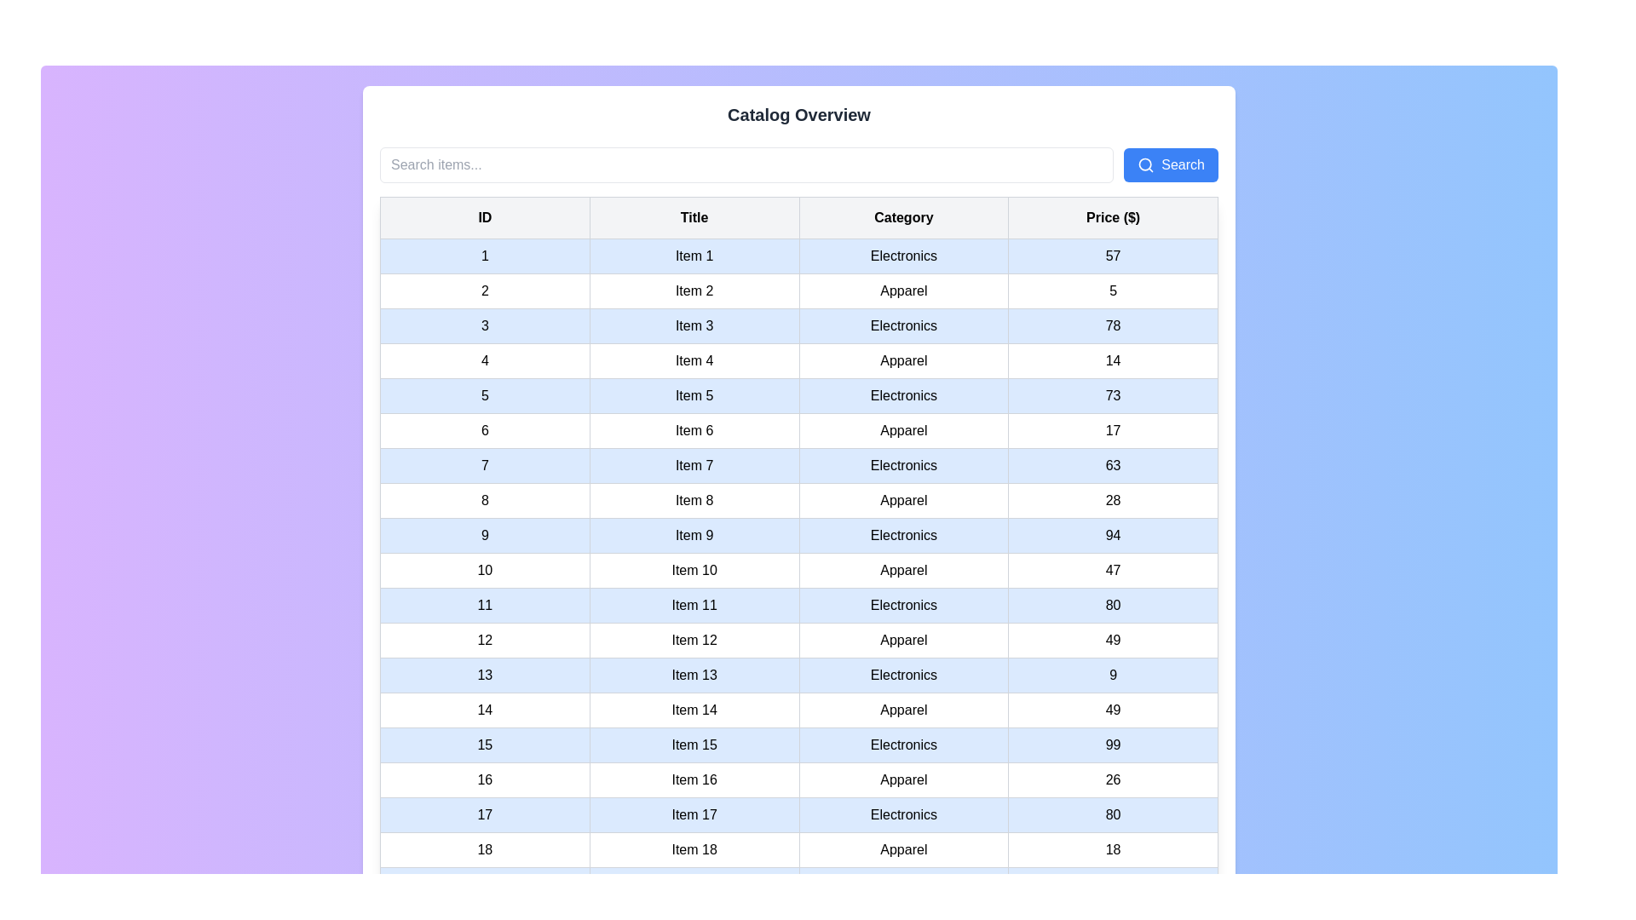 This screenshot has height=920, width=1636. Describe the element at coordinates (1112, 675) in the screenshot. I see `the content of the Text cell in the table under the 'Price ($)' column for Item 13` at that location.